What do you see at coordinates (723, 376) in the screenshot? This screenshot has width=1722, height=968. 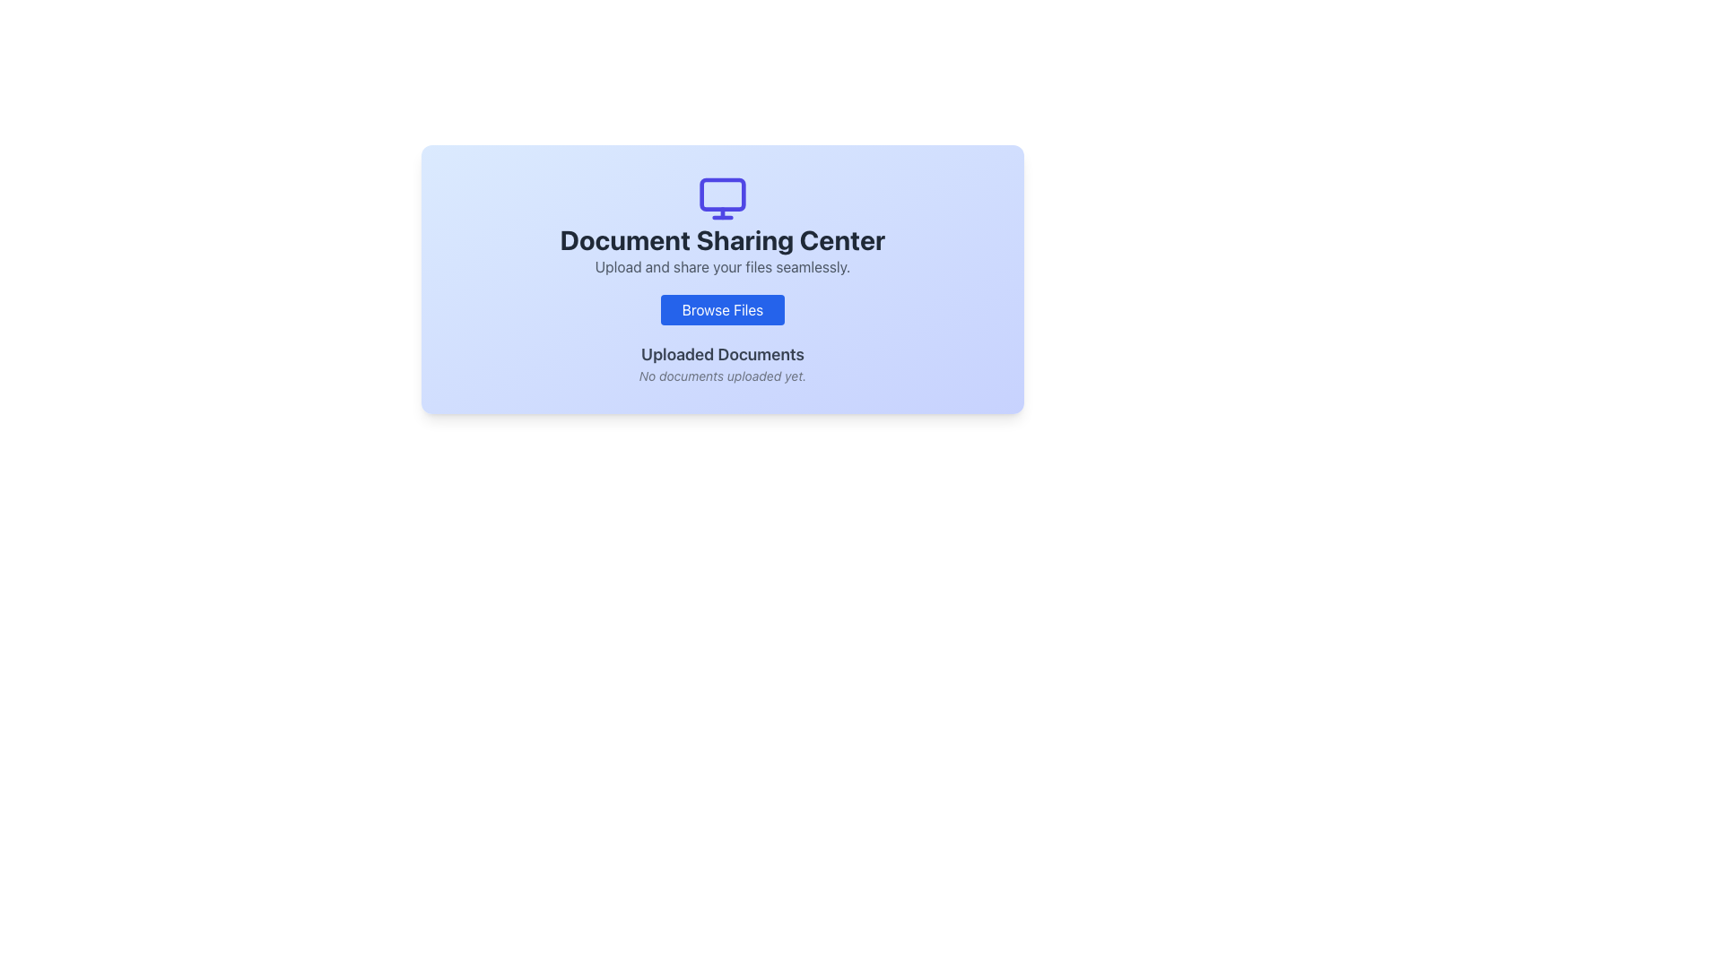 I see `the text label displaying 'No documents uploaded yet.' which is styled in light gray and italicized, located below the 'Uploaded Documents' heading` at bounding box center [723, 376].